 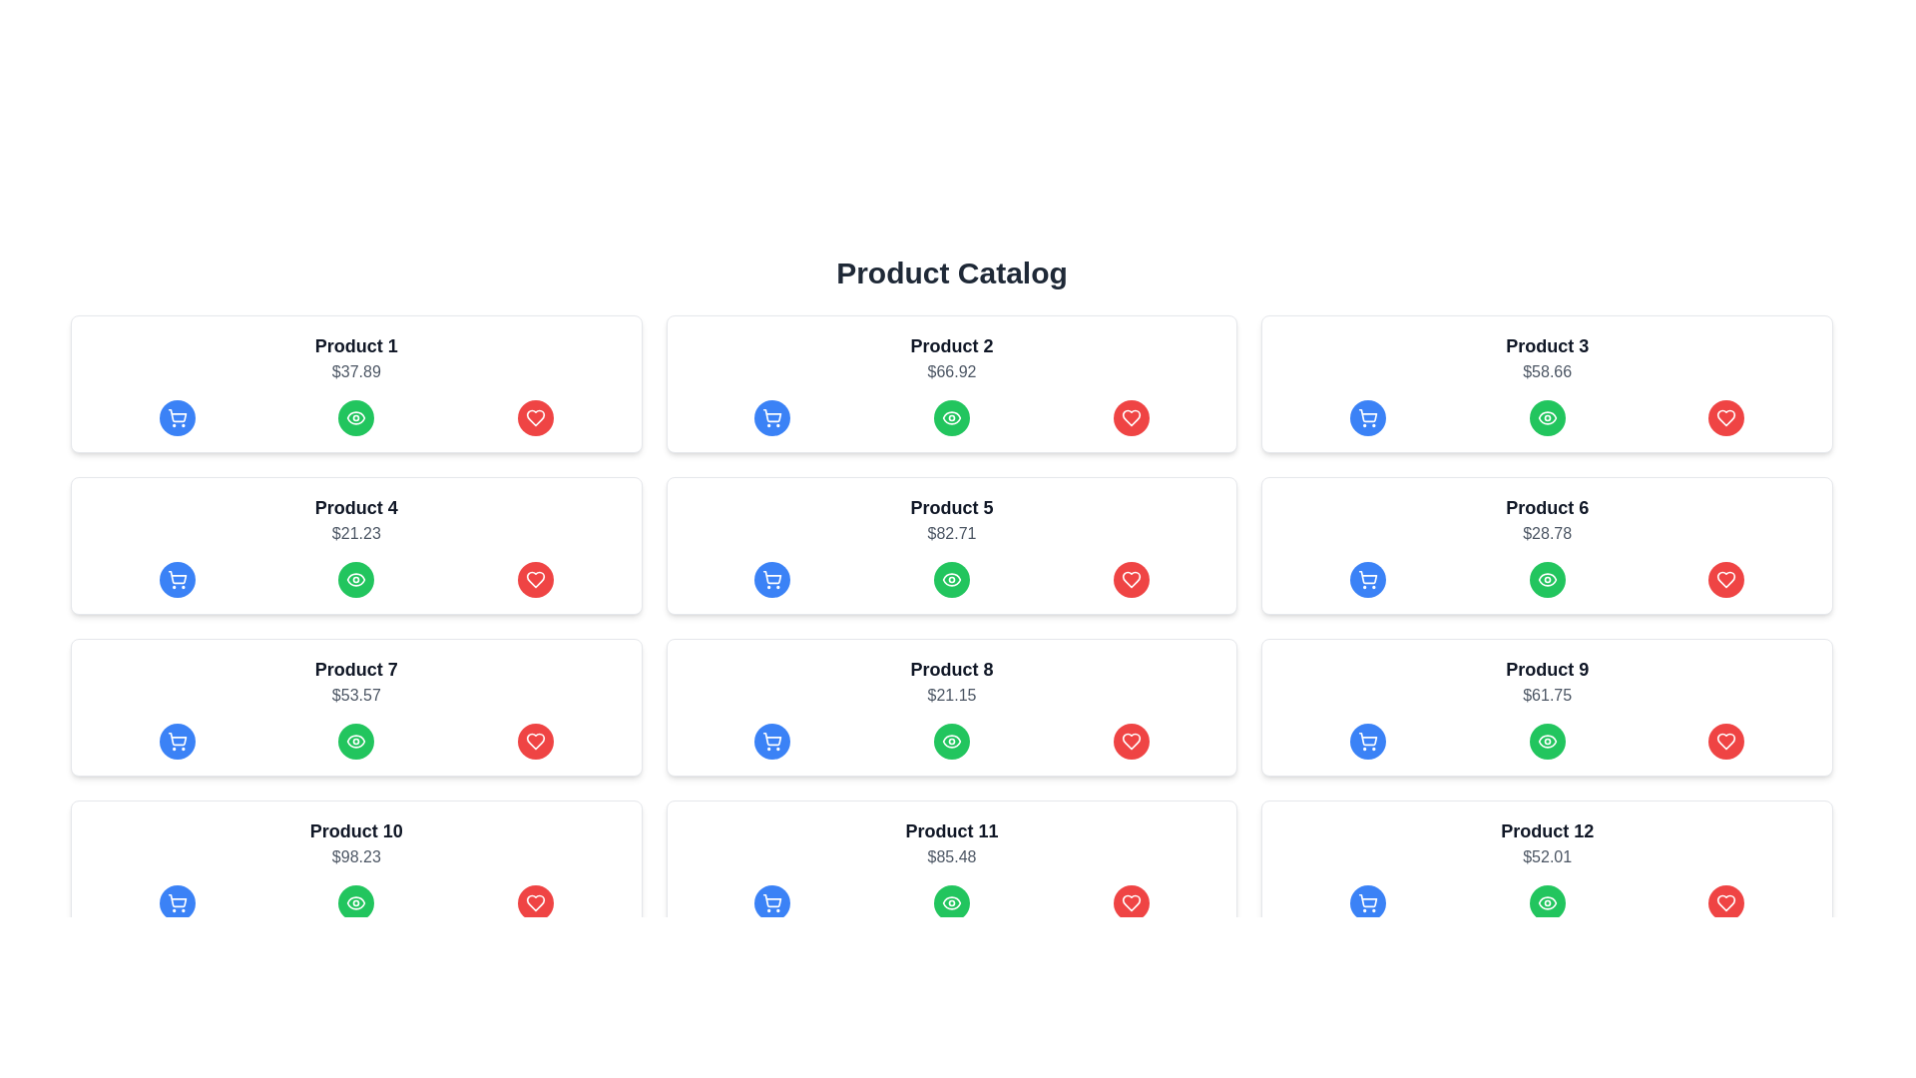 What do you see at coordinates (951, 507) in the screenshot?
I see `the informational text label that displays the product name, centrally located in the third row and third column of the grid arrangement` at bounding box center [951, 507].